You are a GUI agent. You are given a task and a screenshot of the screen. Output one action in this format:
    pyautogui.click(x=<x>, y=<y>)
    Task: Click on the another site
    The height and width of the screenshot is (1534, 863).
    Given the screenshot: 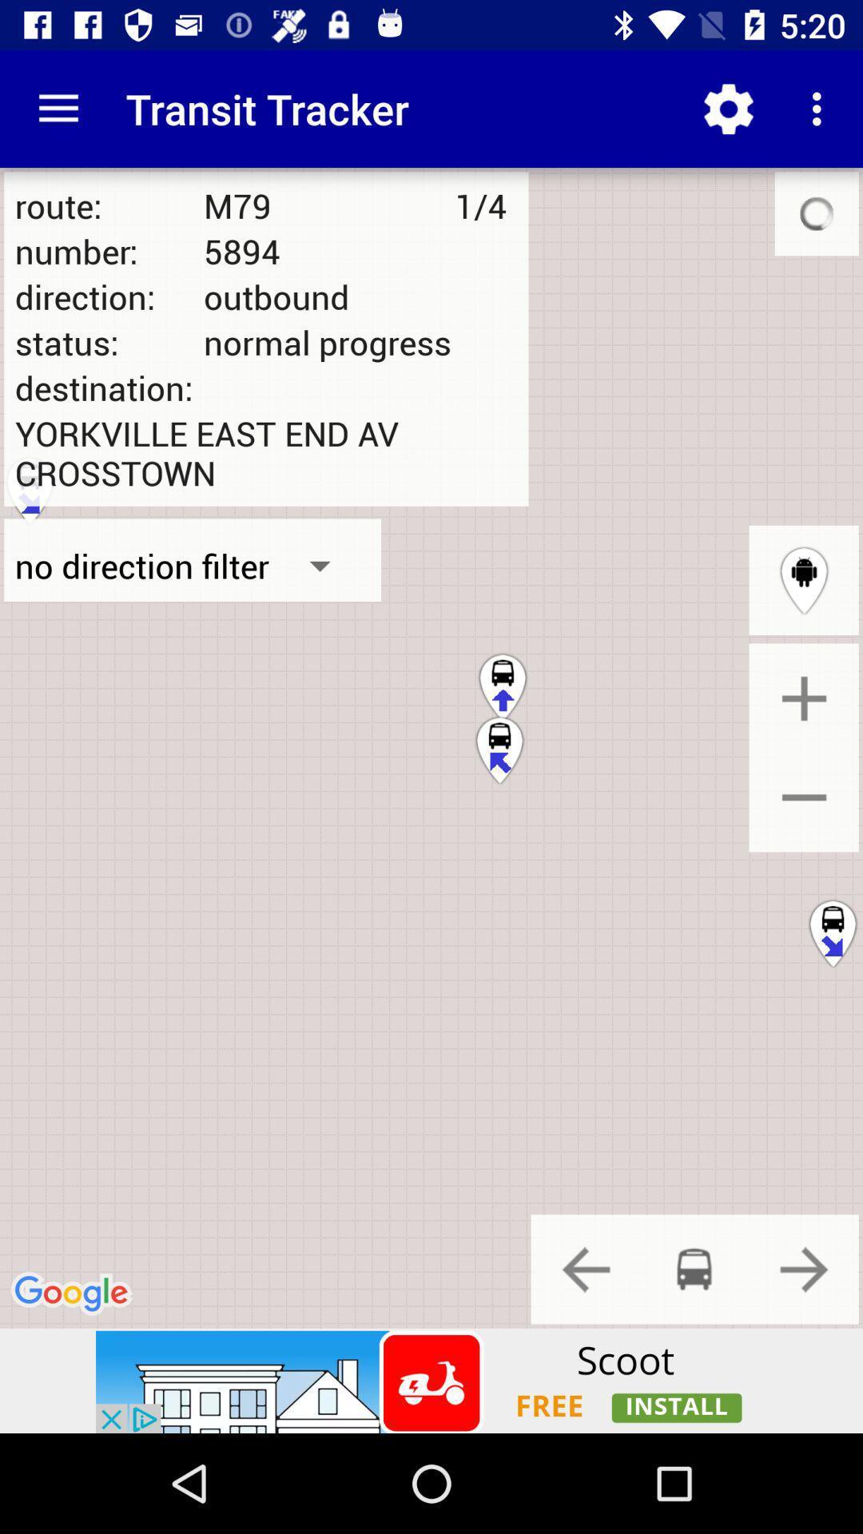 What is the action you would take?
    pyautogui.click(x=431, y=1380)
    